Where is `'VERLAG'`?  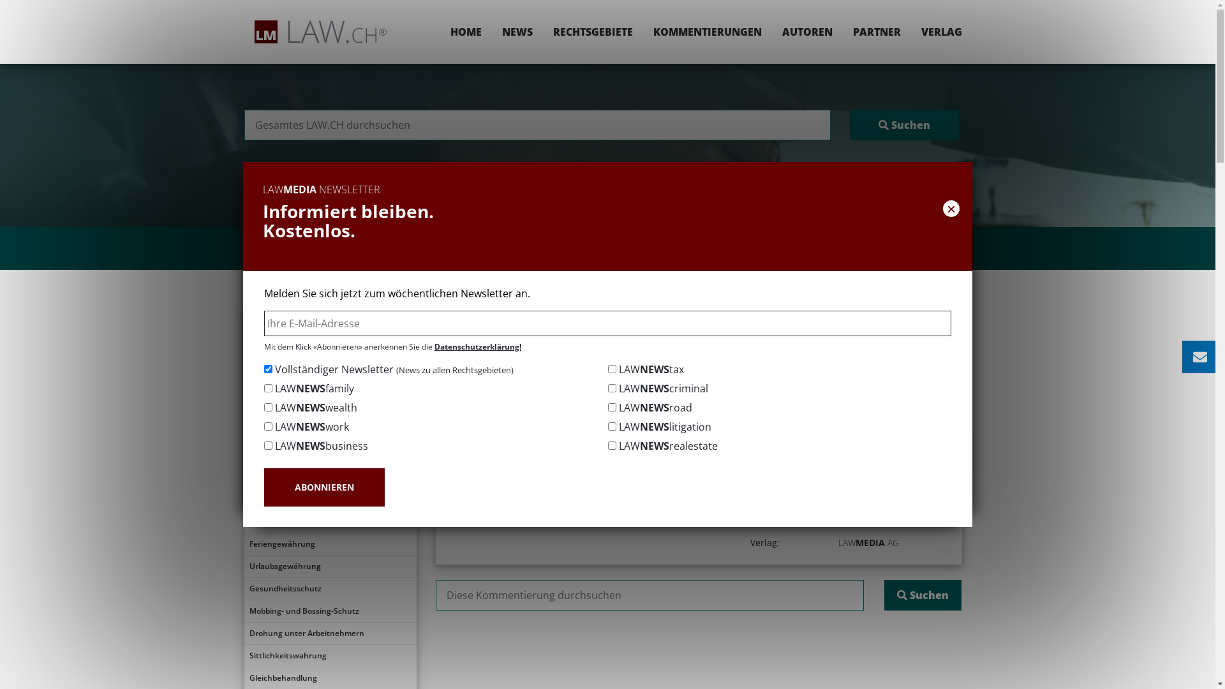
'VERLAG' is located at coordinates (937, 31).